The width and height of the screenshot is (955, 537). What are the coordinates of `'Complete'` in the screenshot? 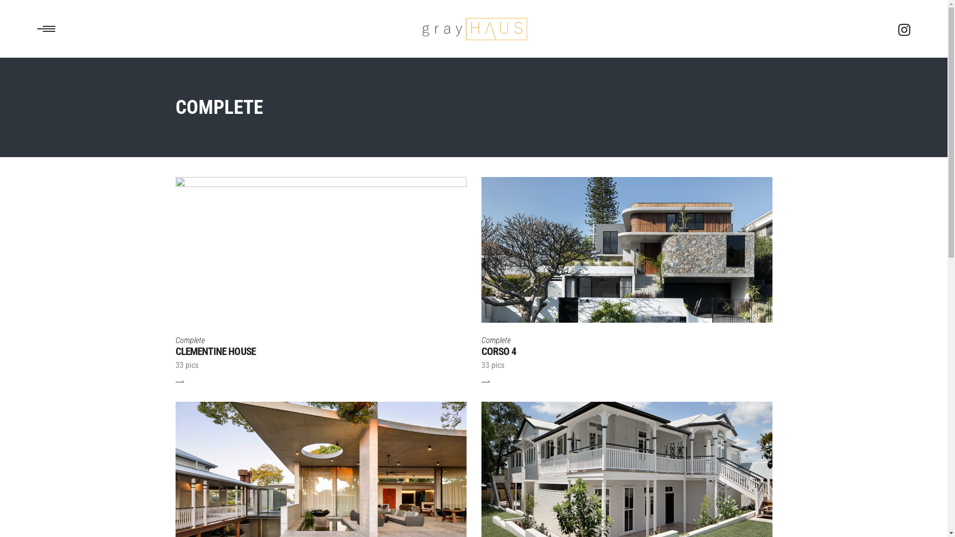 It's located at (496, 340).